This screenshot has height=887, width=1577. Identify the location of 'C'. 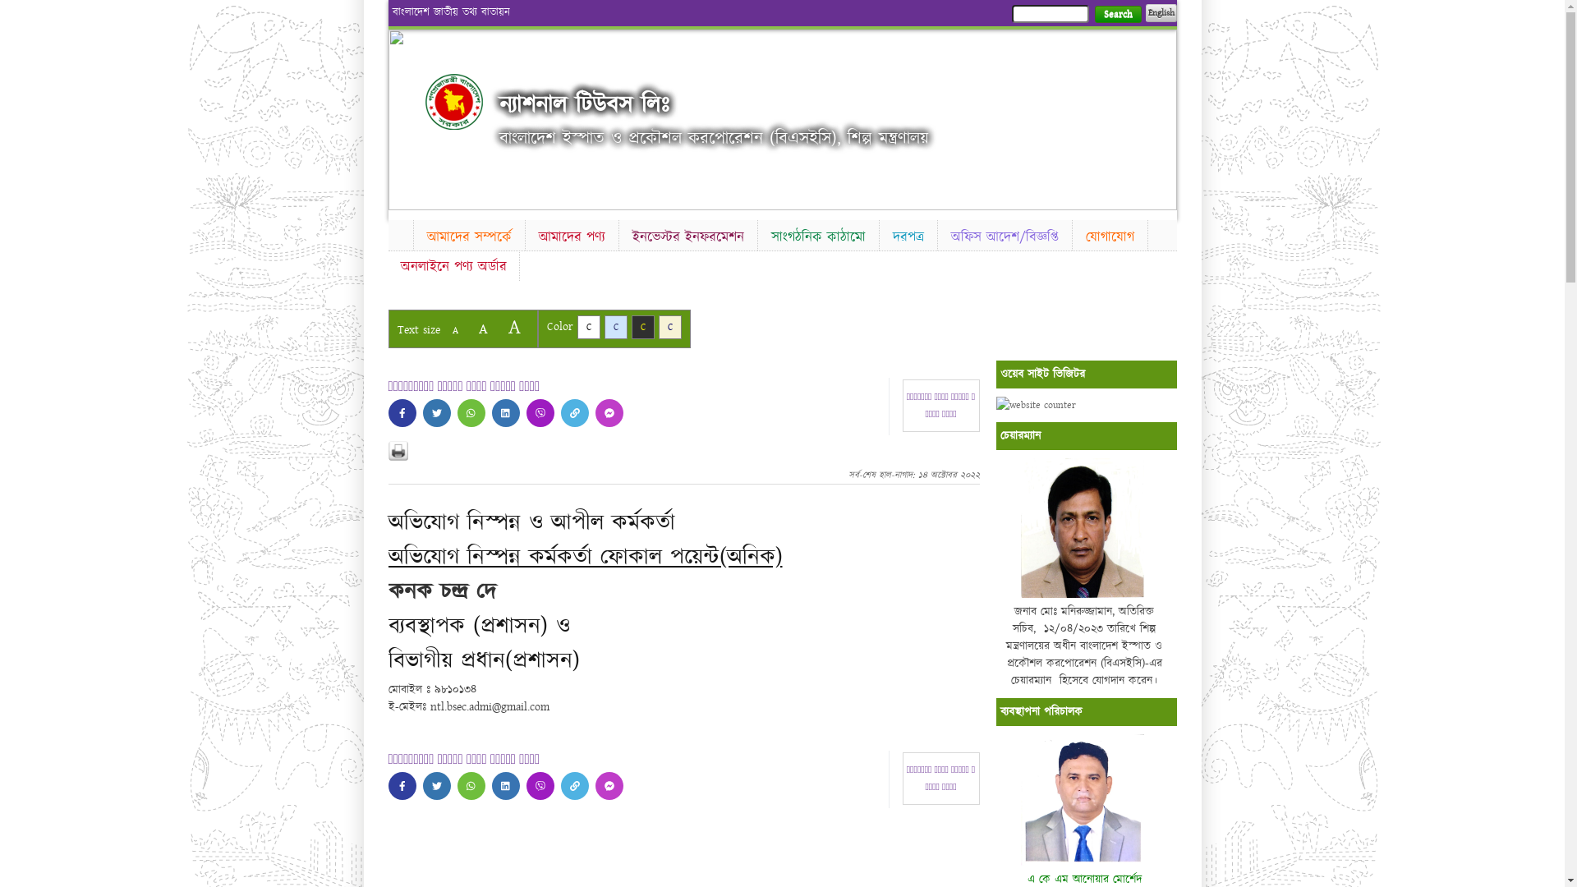
(576, 327).